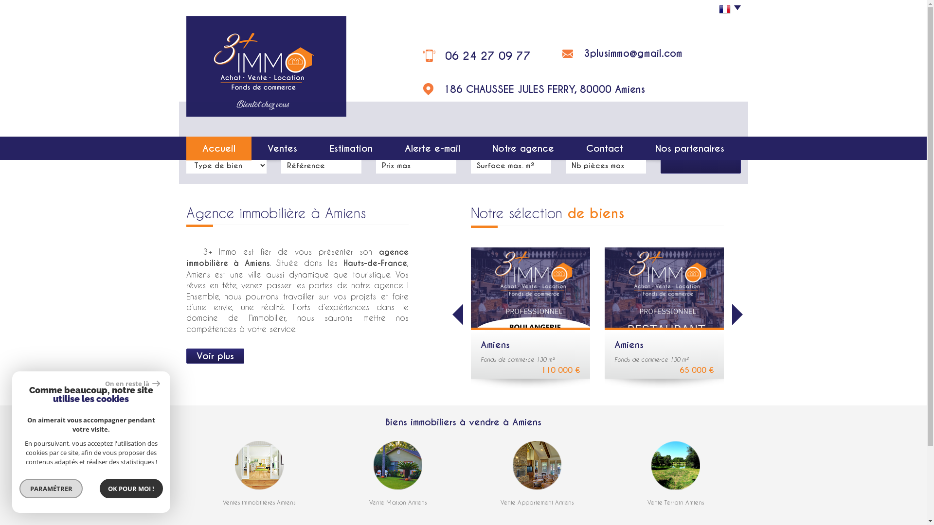 This screenshot has height=525, width=934. Describe the element at coordinates (397, 502) in the screenshot. I see `'Vente Maison Amiens'` at that location.